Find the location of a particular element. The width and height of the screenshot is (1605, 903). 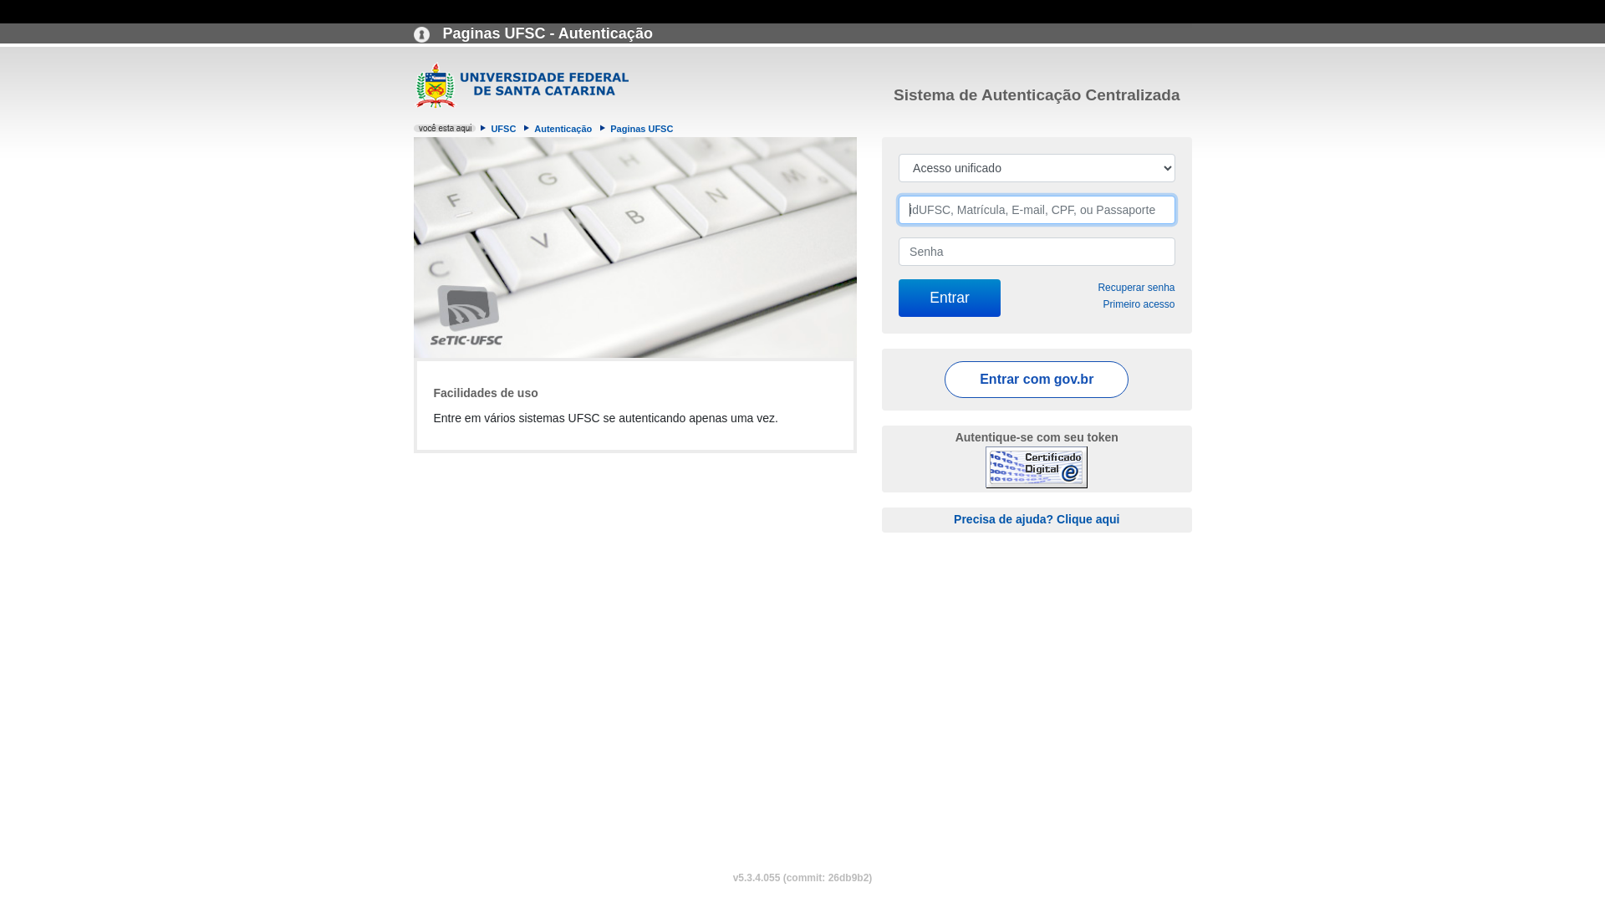

'Primeiro acesso' is located at coordinates (1138, 304).